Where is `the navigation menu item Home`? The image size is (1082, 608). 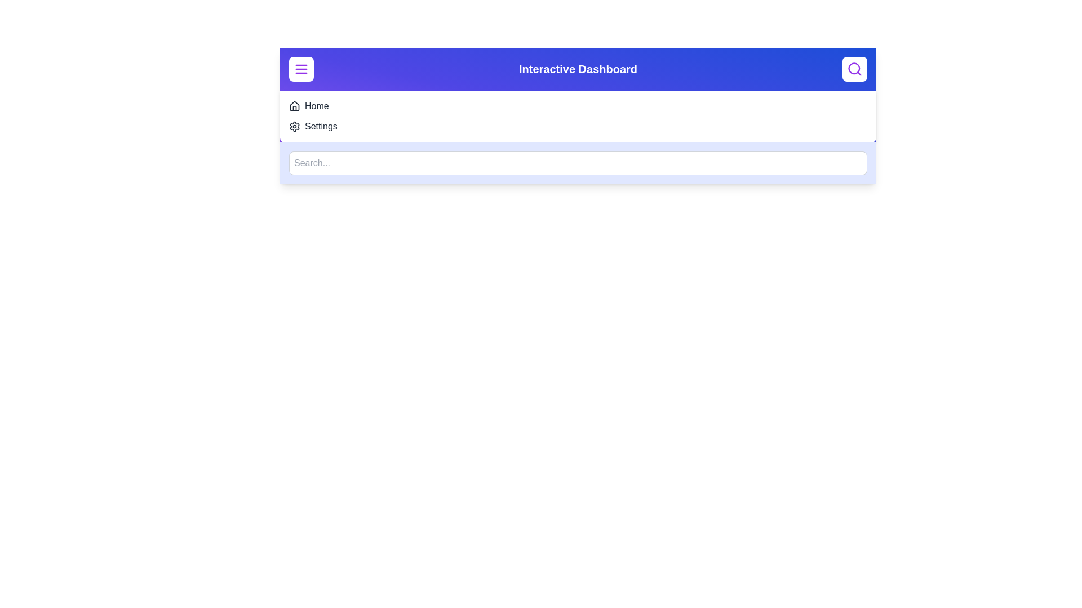 the navigation menu item Home is located at coordinates (316, 106).